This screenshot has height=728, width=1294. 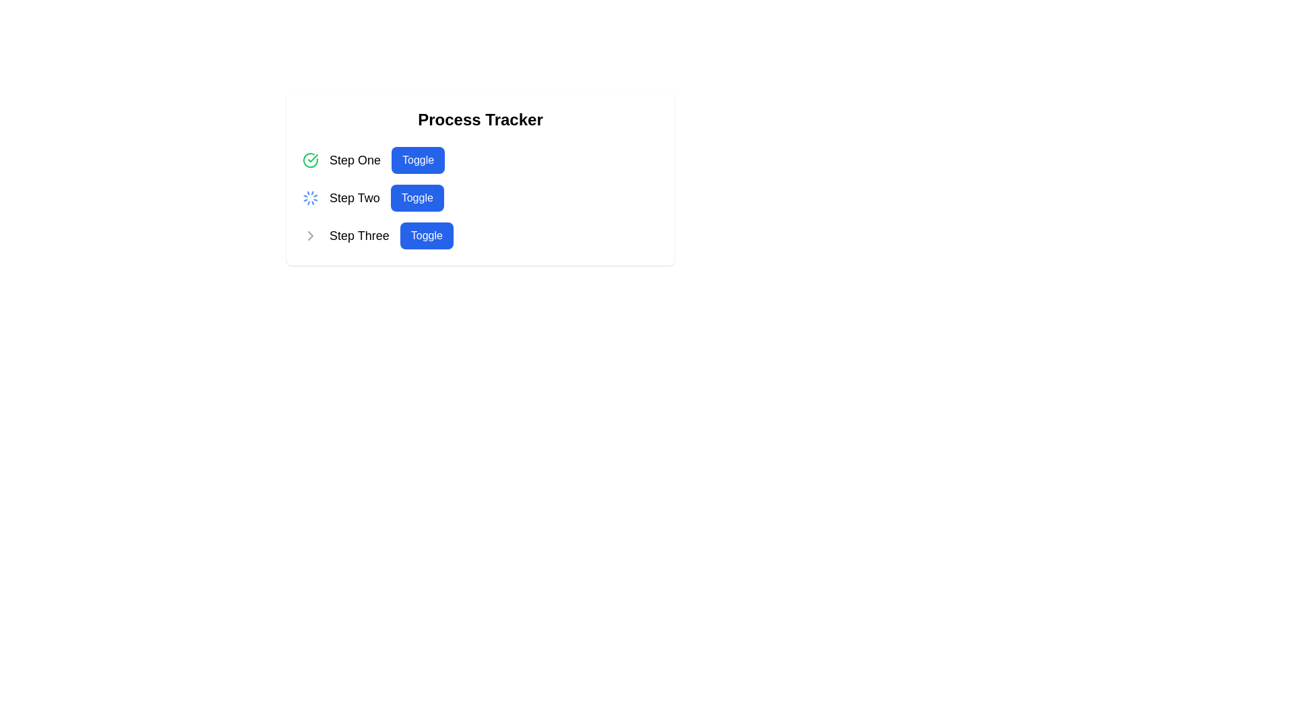 What do you see at coordinates (355, 198) in the screenshot?
I see `the 'Step Two' text label, which is styled with a larger font size and located in the middle row of the step tracker, positioned between 'Step One' and 'Step Three'` at bounding box center [355, 198].